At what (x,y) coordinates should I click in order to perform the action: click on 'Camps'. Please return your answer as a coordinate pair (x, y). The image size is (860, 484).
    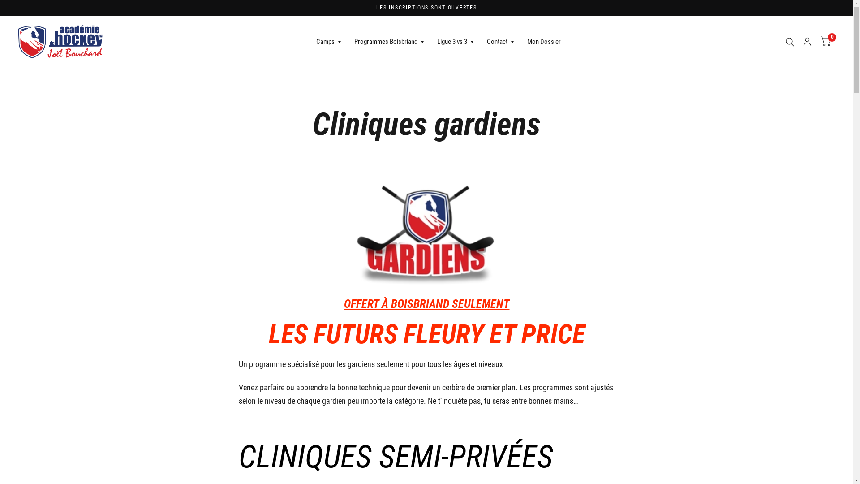
    Looking at the image, I should click on (328, 42).